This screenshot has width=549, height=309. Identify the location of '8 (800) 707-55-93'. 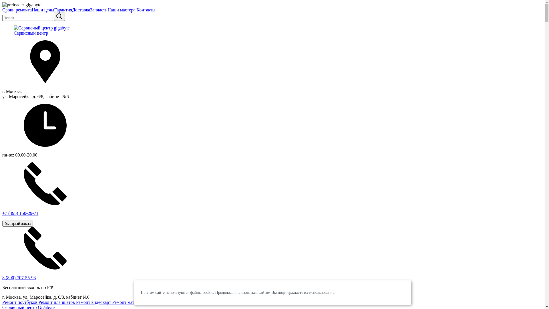
(2, 277).